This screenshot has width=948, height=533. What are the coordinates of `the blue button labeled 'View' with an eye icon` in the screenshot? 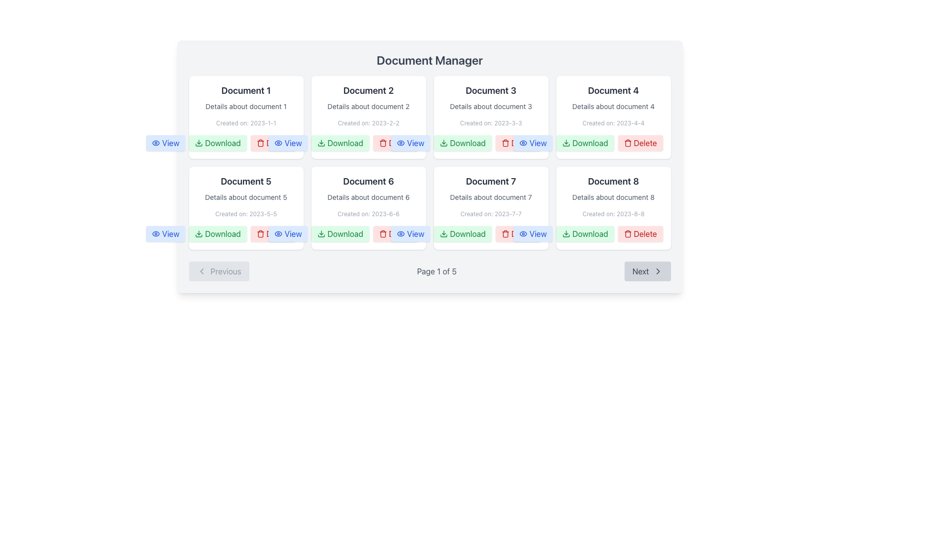 It's located at (166, 143).